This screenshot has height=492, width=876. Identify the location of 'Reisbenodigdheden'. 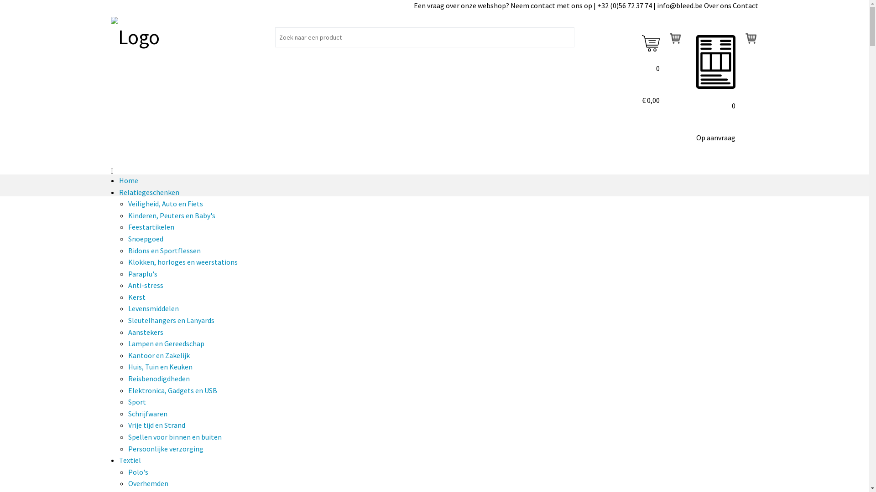
(159, 378).